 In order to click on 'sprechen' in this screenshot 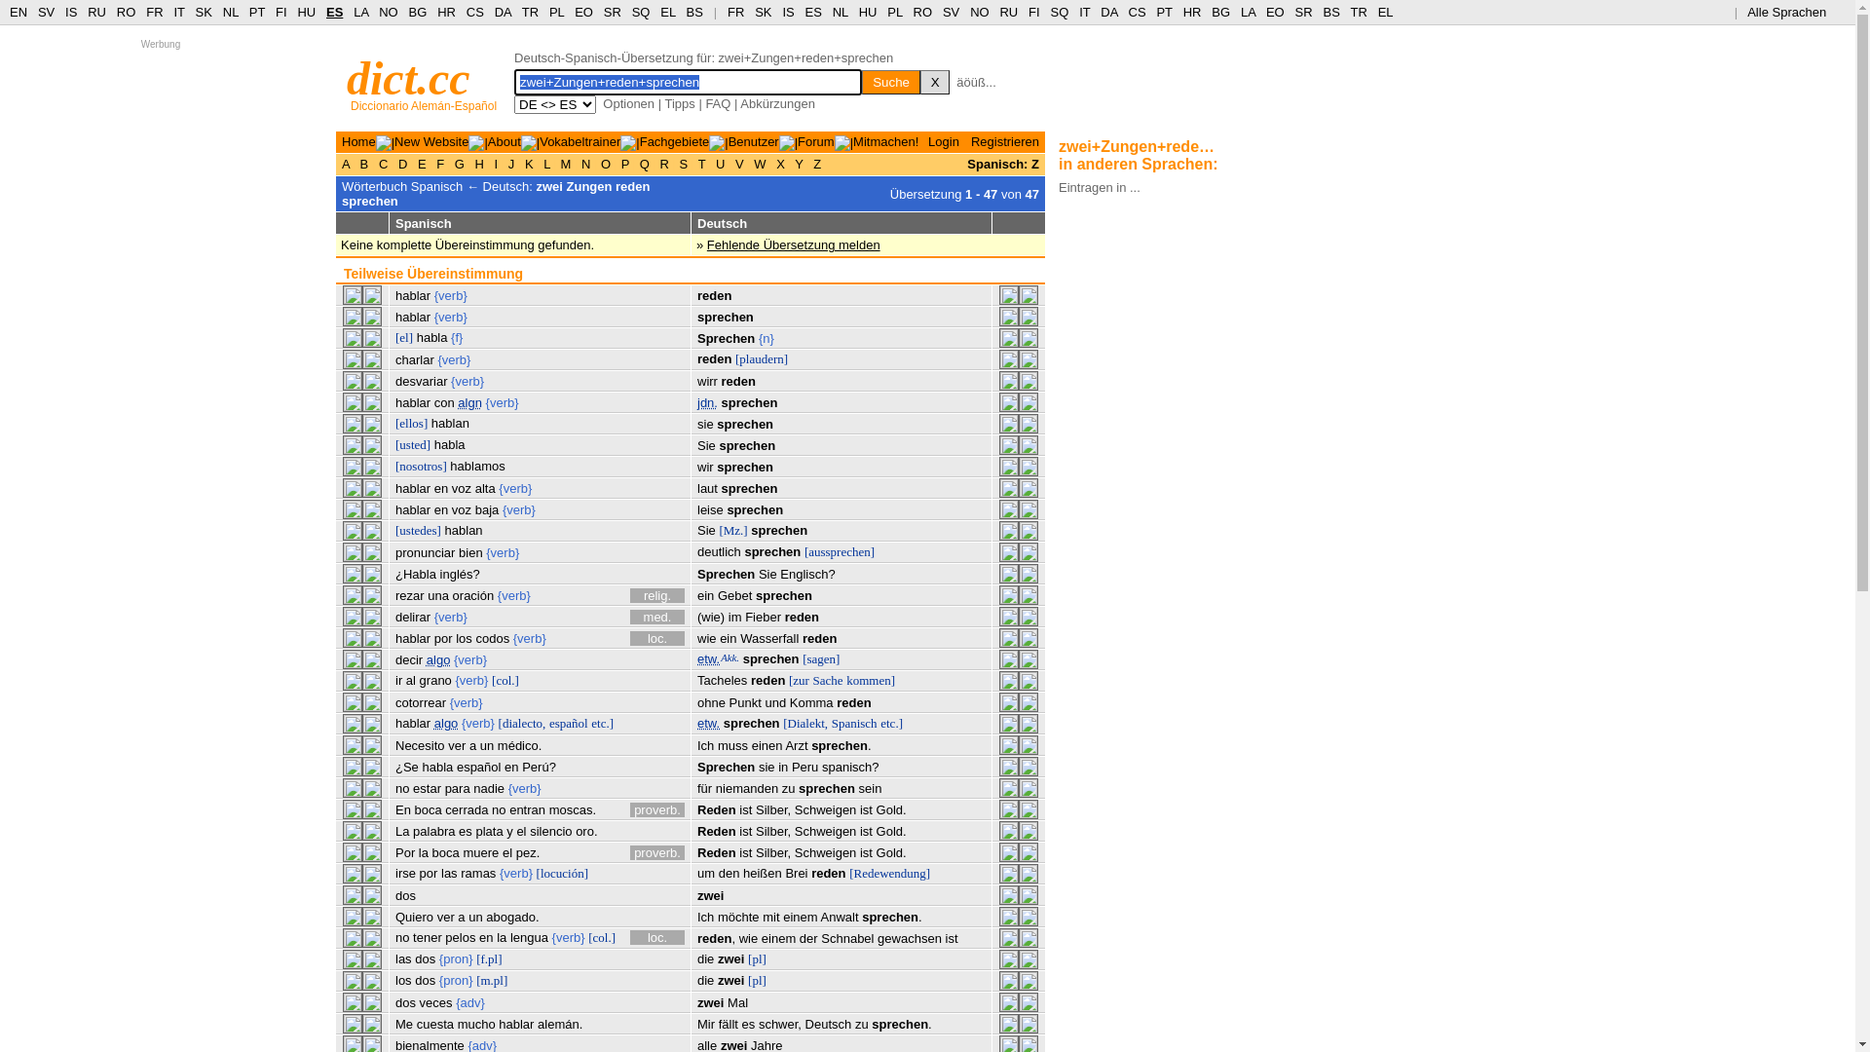, I will do `click(770, 657)`.